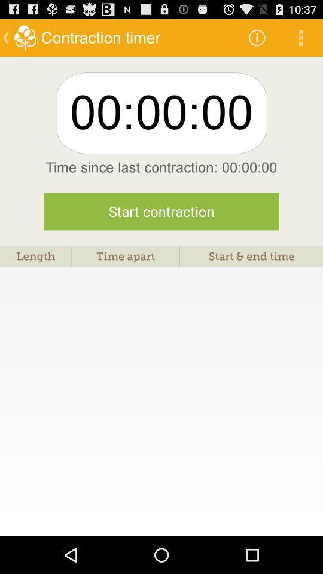 The image size is (323, 574). What do you see at coordinates (256, 37) in the screenshot?
I see `the icon next to contraction timer icon` at bounding box center [256, 37].